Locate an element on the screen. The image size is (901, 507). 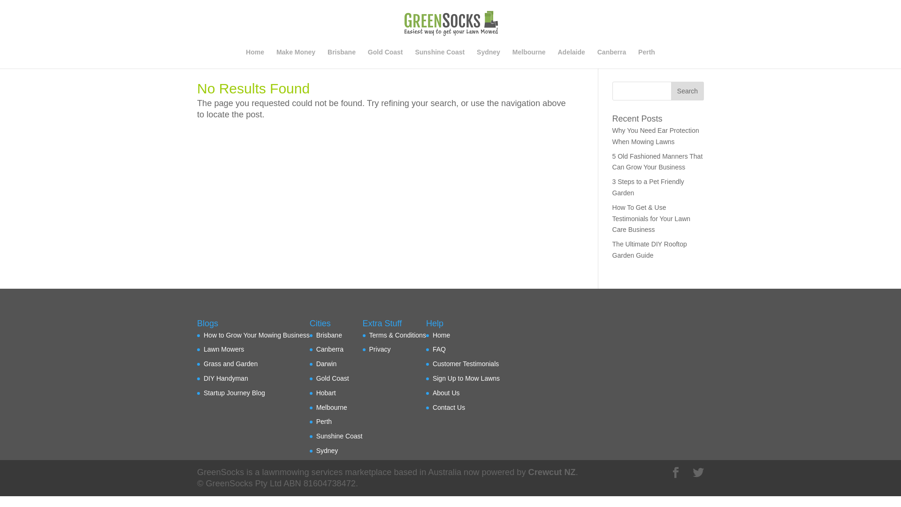
'Terms & Conditions' is located at coordinates (397, 334).